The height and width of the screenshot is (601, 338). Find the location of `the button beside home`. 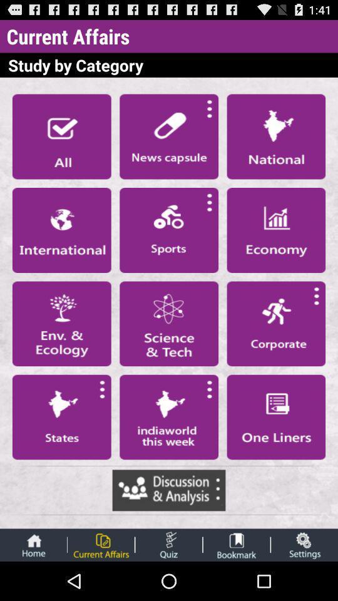

the button beside home is located at coordinates (100, 545).